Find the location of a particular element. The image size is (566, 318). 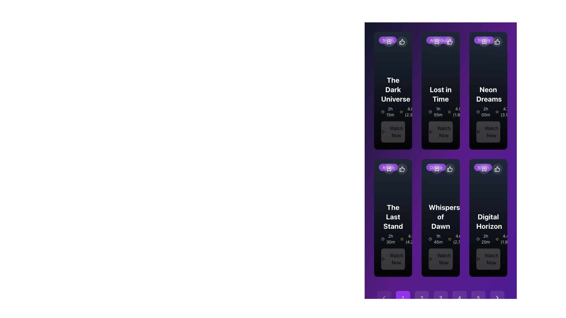

the first star icon representing a unit of the rating for 'Digital Horizon' located below the title and rating text is located at coordinates (449, 239).